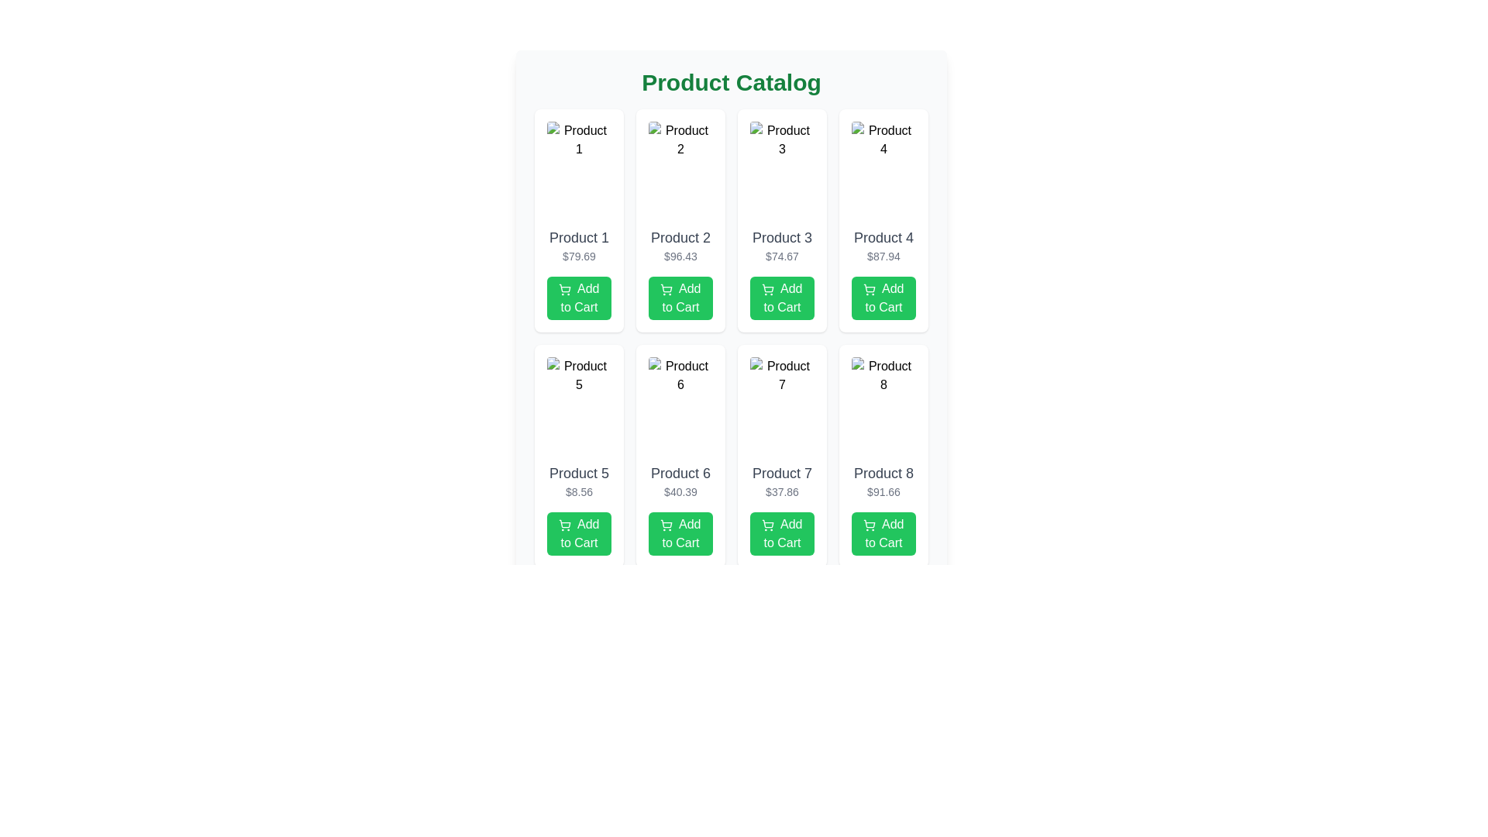 The height and width of the screenshot is (837, 1488). I want to click on the image placeholder for 'Product 8', so click(883, 405).